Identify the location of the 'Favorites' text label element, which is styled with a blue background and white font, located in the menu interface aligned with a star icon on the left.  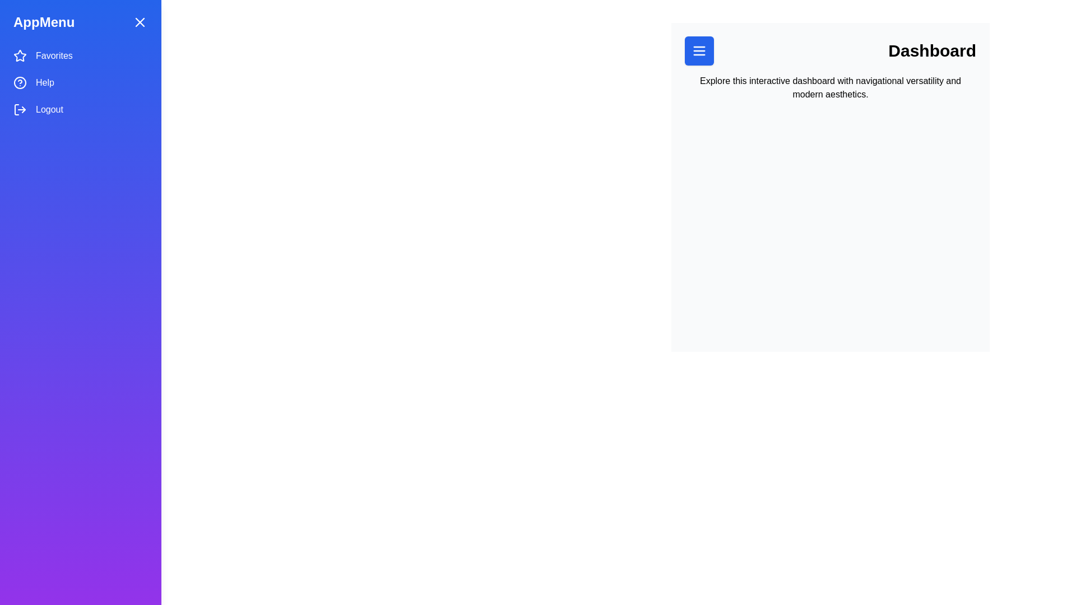
(53, 56).